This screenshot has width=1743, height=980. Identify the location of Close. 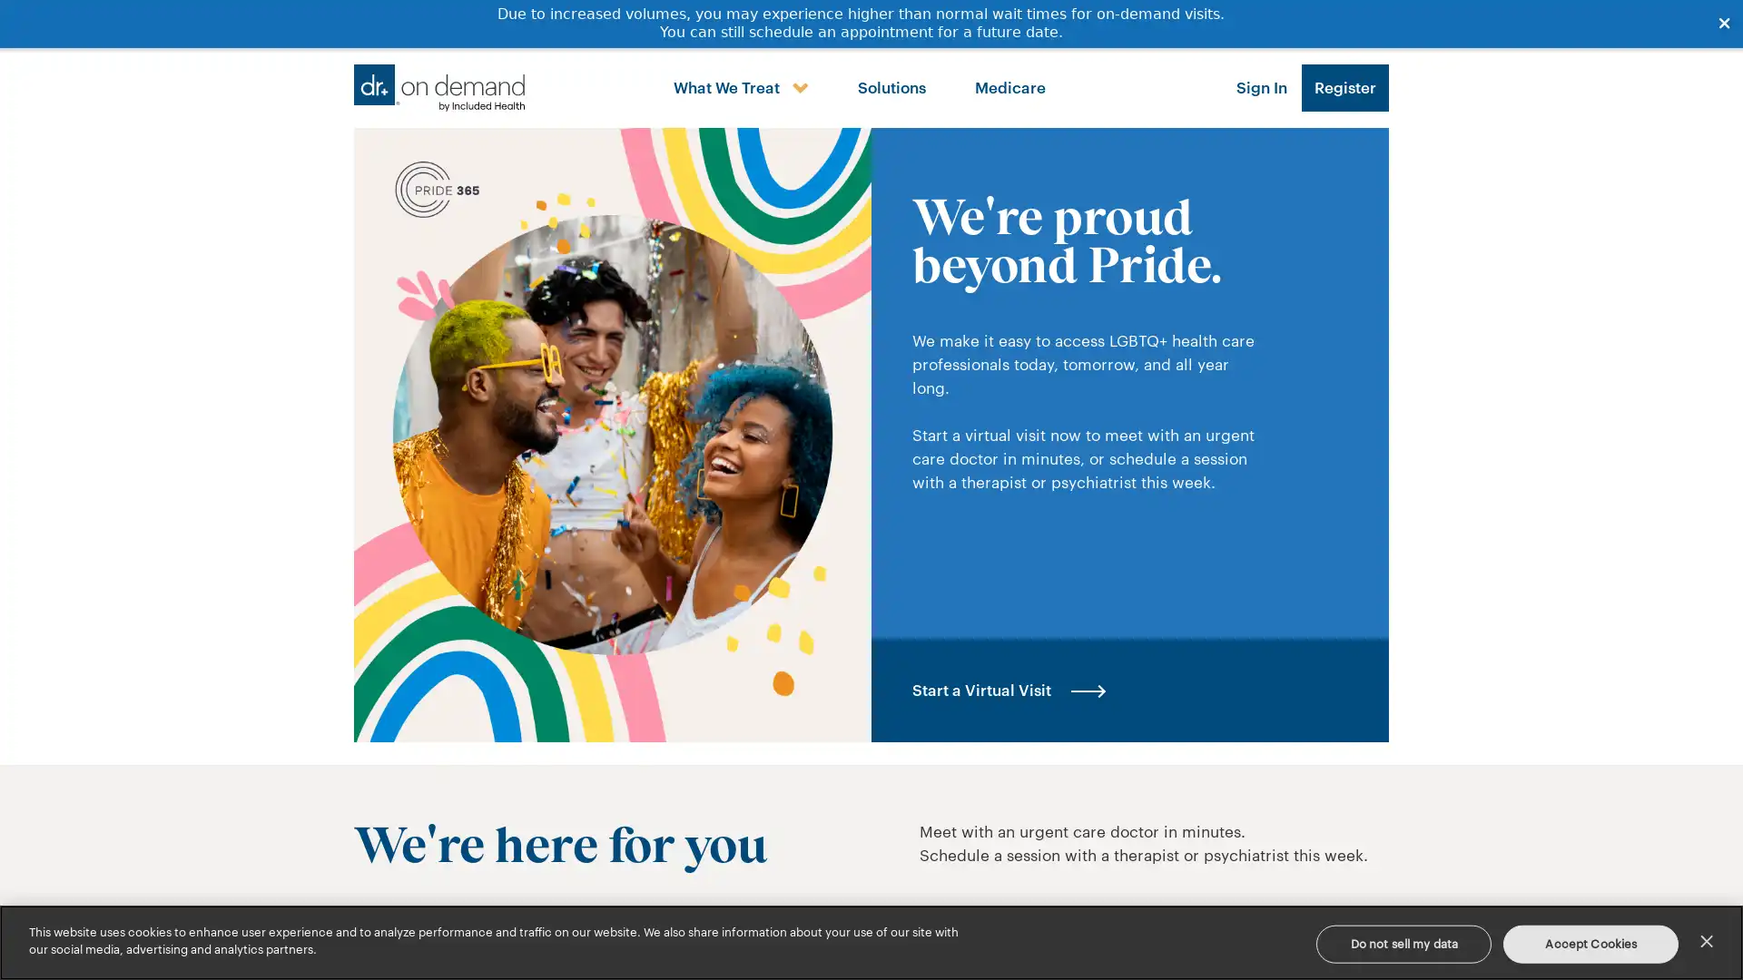
(1706, 940).